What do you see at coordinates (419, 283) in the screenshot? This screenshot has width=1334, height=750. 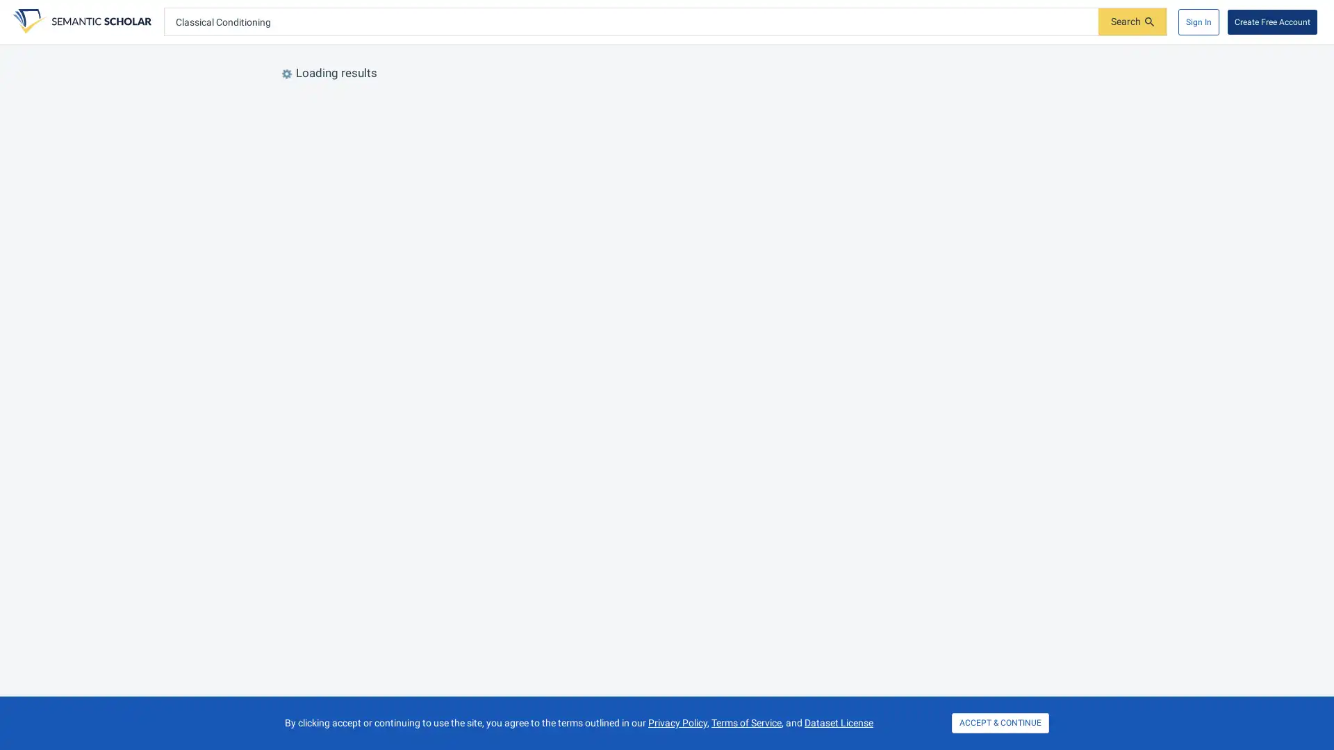 I see `Turn on email alert for this paper` at bounding box center [419, 283].